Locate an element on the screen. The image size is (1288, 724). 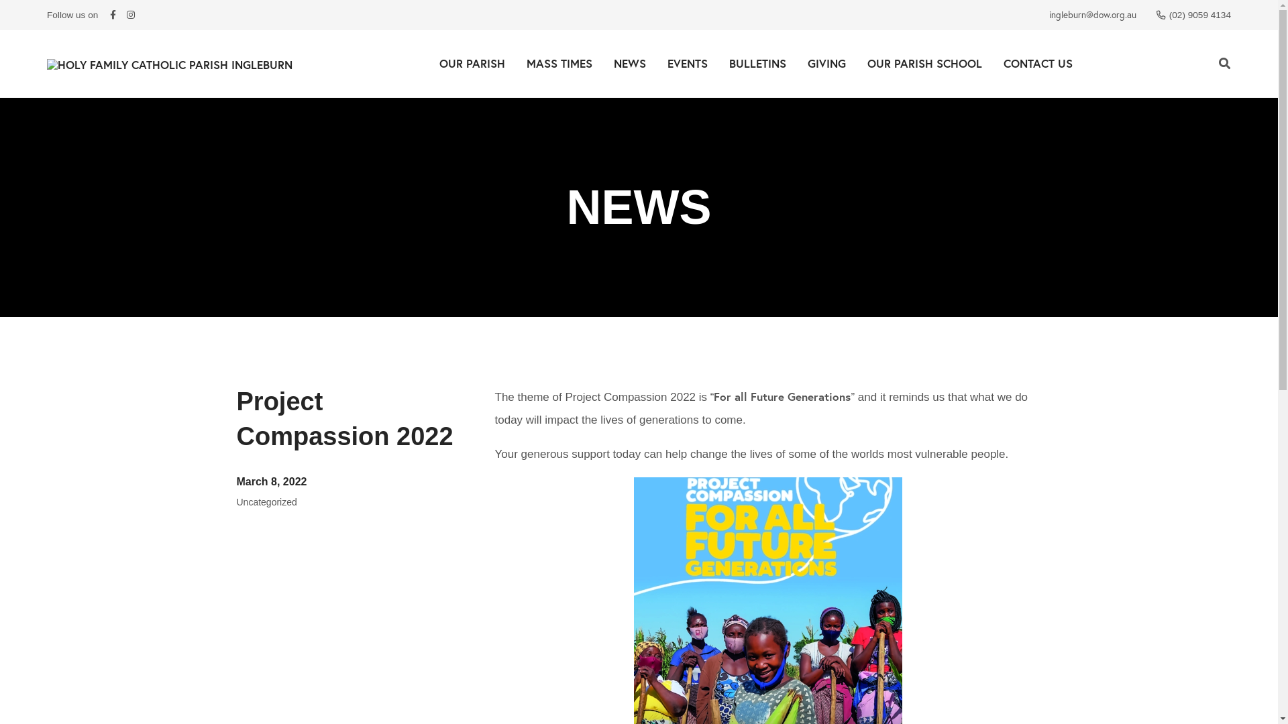
'BULLETINS' is located at coordinates (717, 63).